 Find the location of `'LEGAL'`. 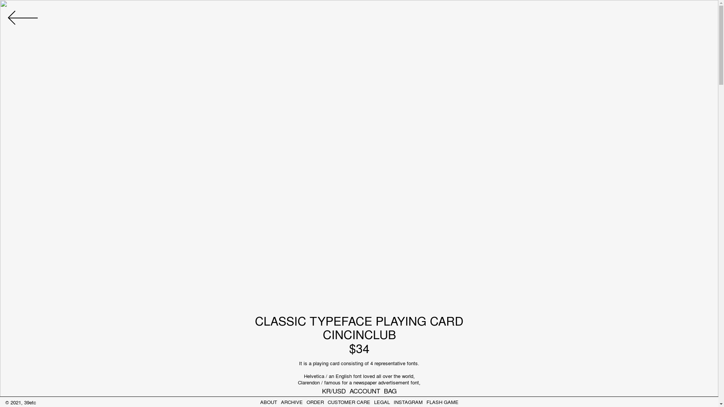

'LEGAL' is located at coordinates (382, 401).